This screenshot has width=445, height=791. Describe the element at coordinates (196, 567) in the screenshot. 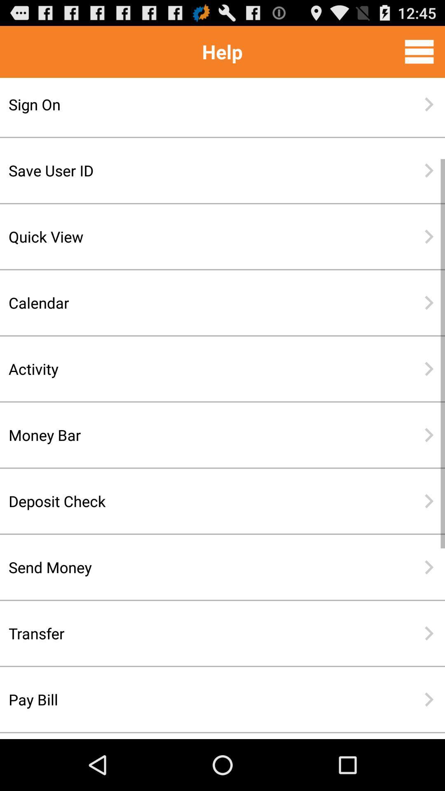

I see `the icon below the deposit check` at that location.